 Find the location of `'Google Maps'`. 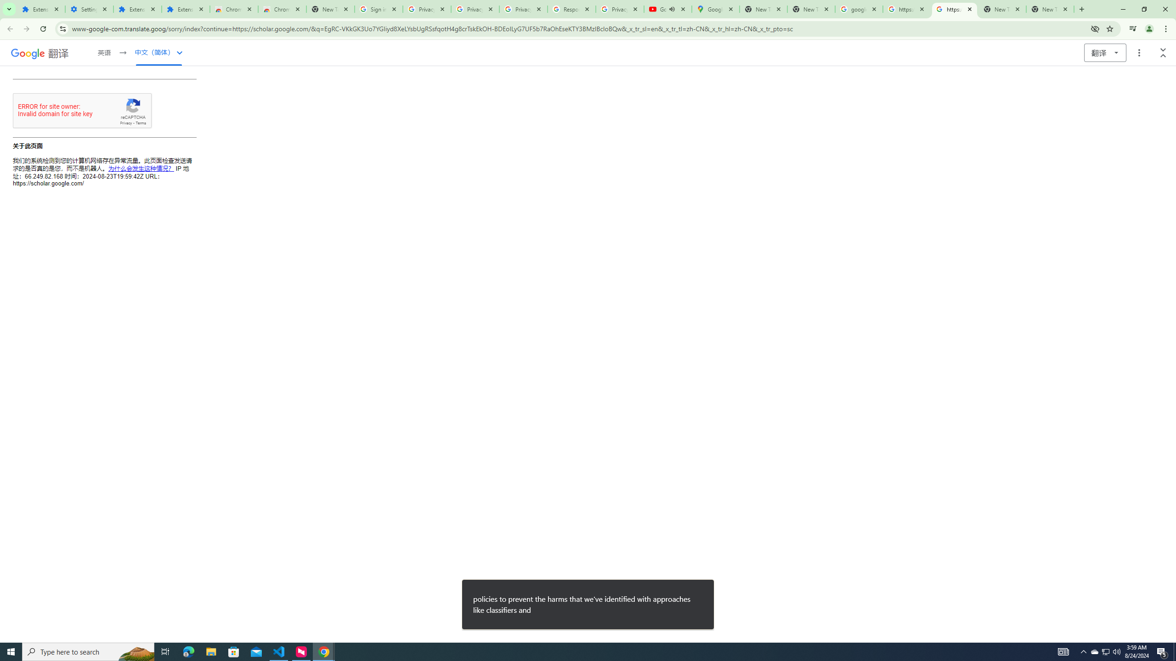

'Google Maps' is located at coordinates (715, 9).